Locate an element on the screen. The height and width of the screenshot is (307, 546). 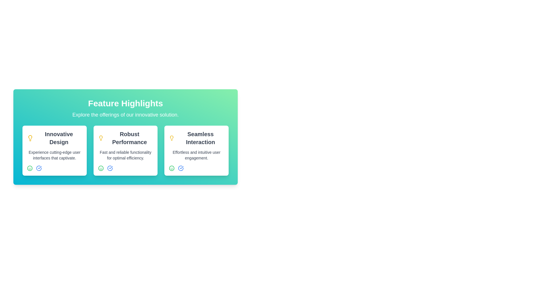
the prominent heading at the center-top of the interface is located at coordinates (125, 103).